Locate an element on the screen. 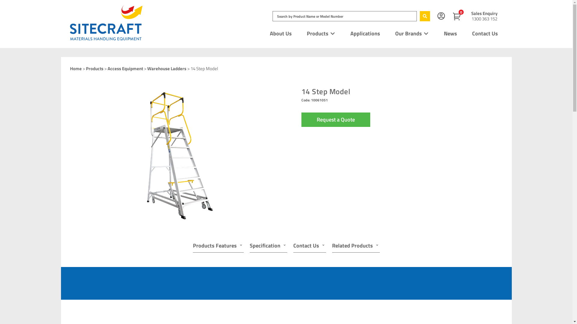  'Warehouse Ladders' is located at coordinates (167, 68).